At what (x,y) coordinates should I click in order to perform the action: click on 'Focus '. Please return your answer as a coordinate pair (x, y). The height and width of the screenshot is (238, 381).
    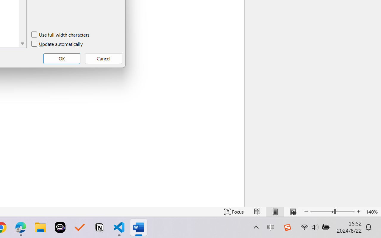
    Looking at the image, I should click on (234, 212).